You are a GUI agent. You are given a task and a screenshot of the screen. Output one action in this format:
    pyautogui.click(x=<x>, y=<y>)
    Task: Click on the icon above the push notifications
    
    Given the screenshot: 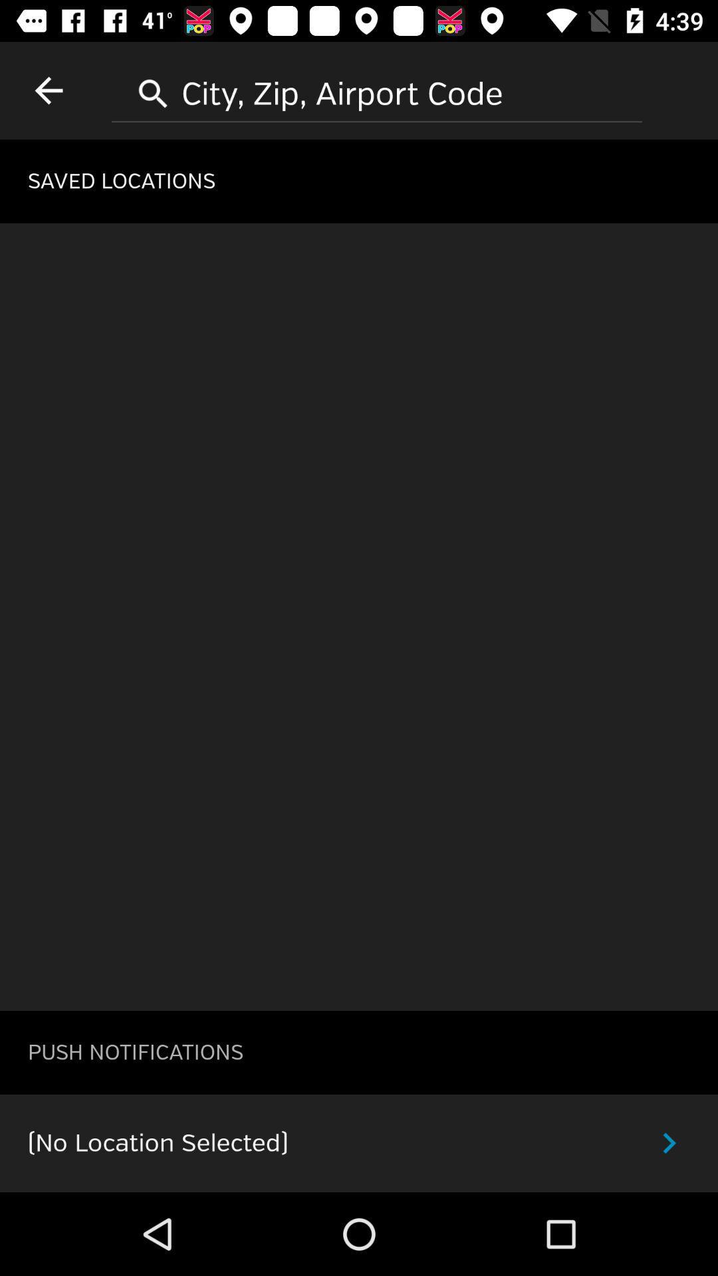 What is the action you would take?
    pyautogui.click(x=359, y=616)
    